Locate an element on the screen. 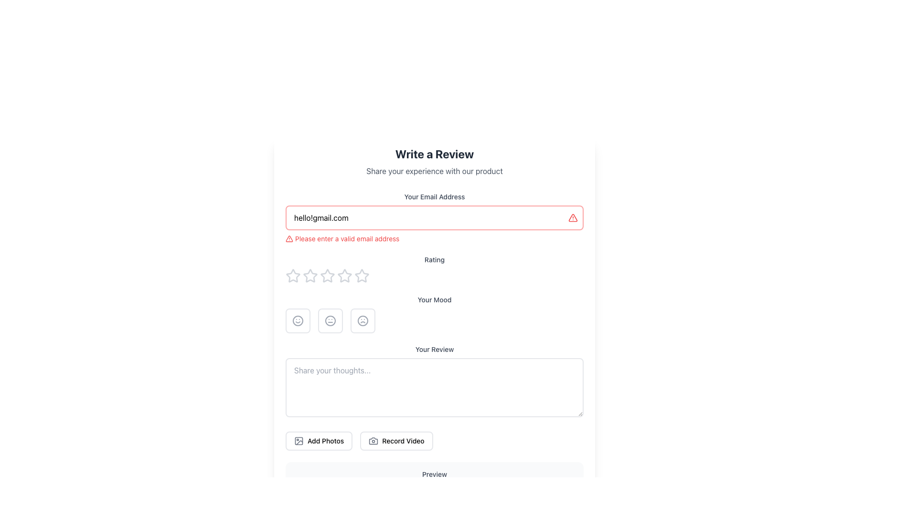 This screenshot has height=515, width=917. the second star icon in the rating system is located at coordinates (310, 276).